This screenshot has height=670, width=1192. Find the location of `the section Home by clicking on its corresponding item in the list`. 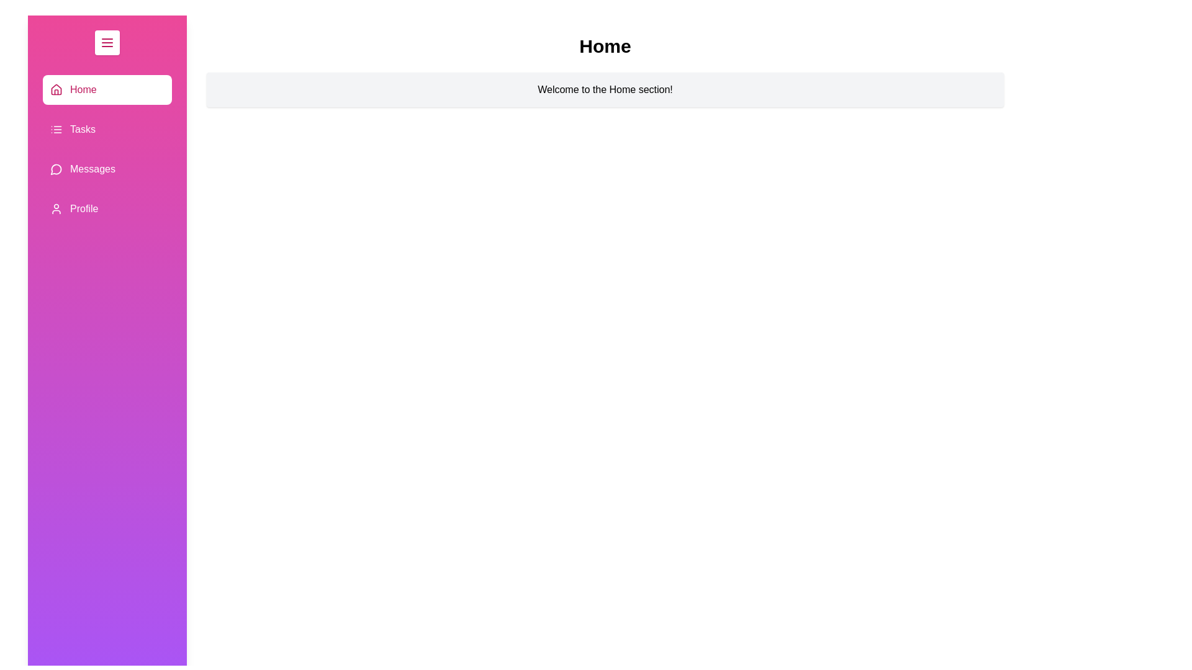

the section Home by clicking on its corresponding item in the list is located at coordinates (107, 89).